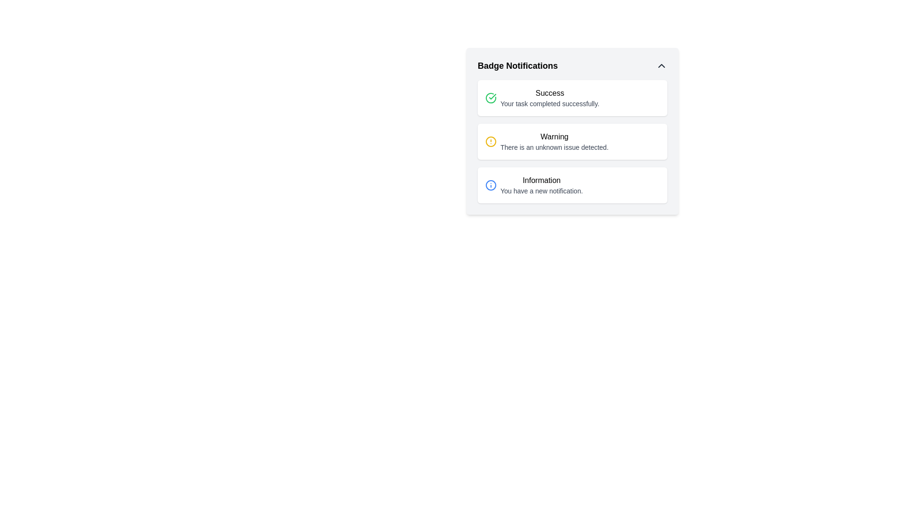  Describe the element at coordinates (661, 65) in the screenshot. I see `the Chevron icon located at the rightmost side of the 'Badge Notifications' text` at that location.